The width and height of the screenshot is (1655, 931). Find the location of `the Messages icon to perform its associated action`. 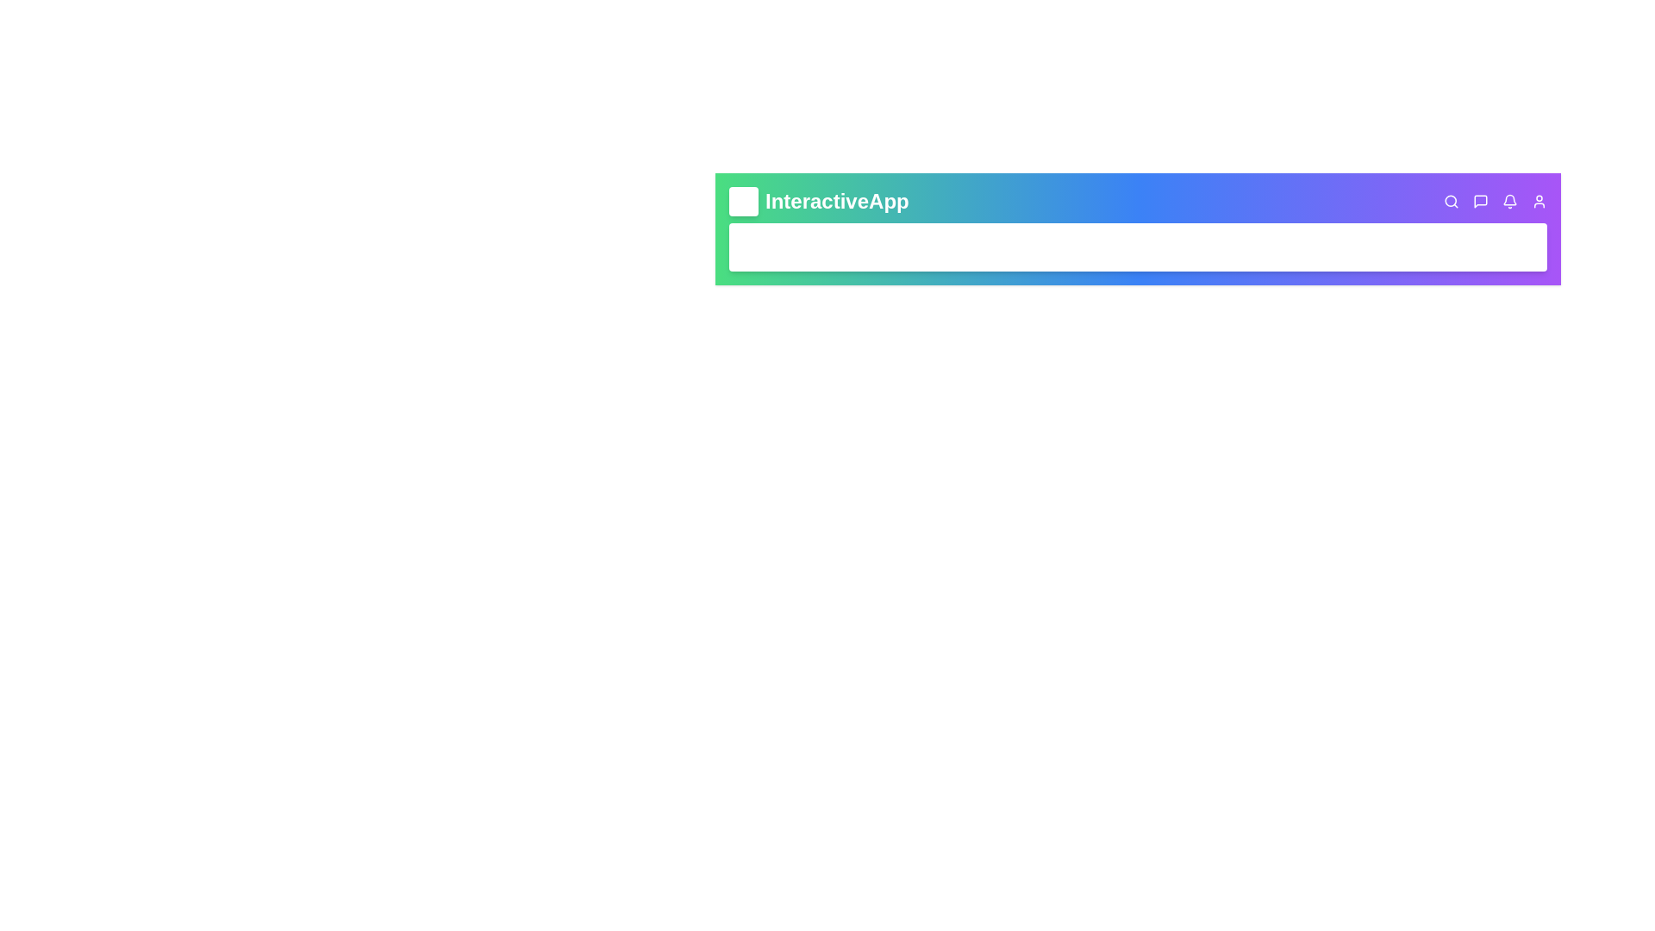

the Messages icon to perform its associated action is located at coordinates (1480, 201).